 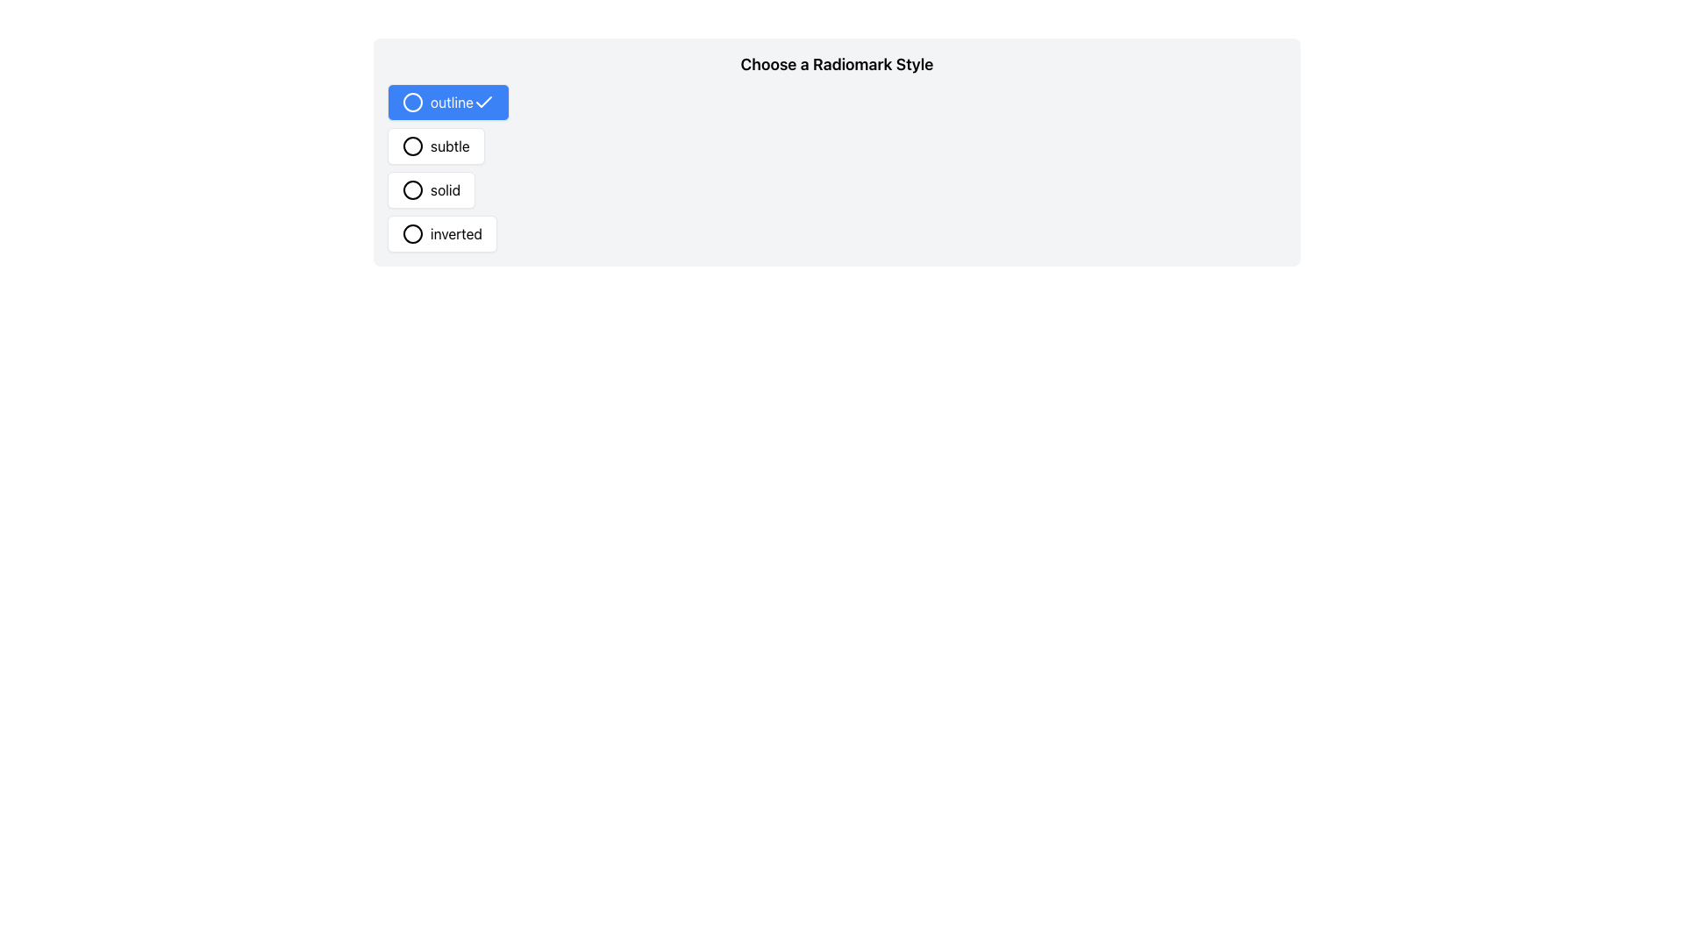 What do you see at coordinates (442, 232) in the screenshot?
I see `the fourth radio button option labeled as 'inverted' under the 'Choose a Radiomark Style' header` at bounding box center [442, 232].